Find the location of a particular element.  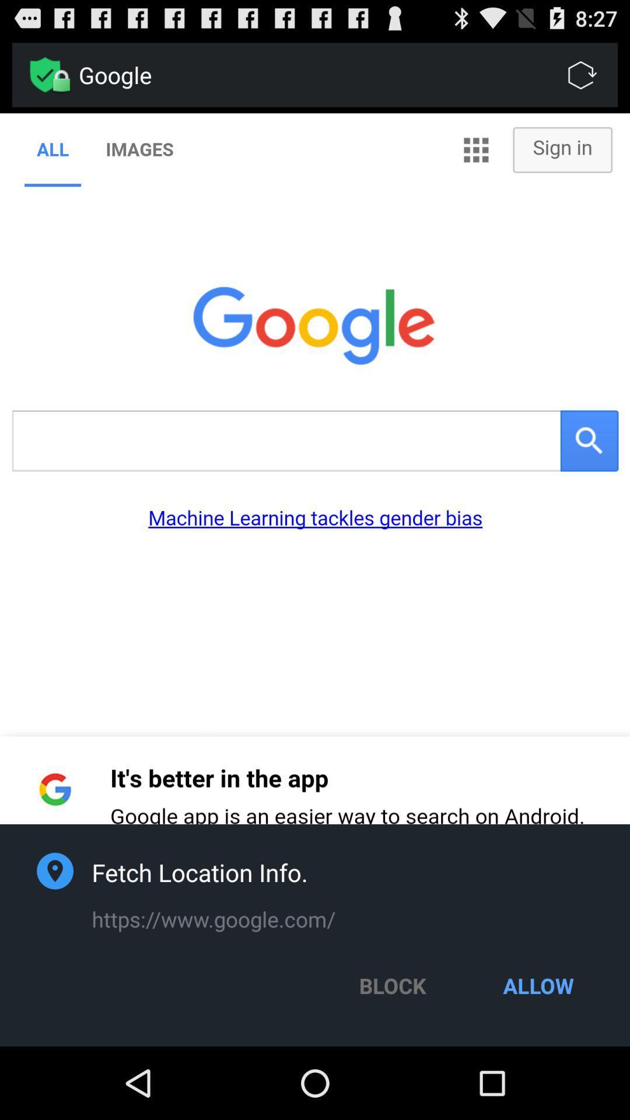

the green icon which is in the black background is located at coordinates (44, 74).